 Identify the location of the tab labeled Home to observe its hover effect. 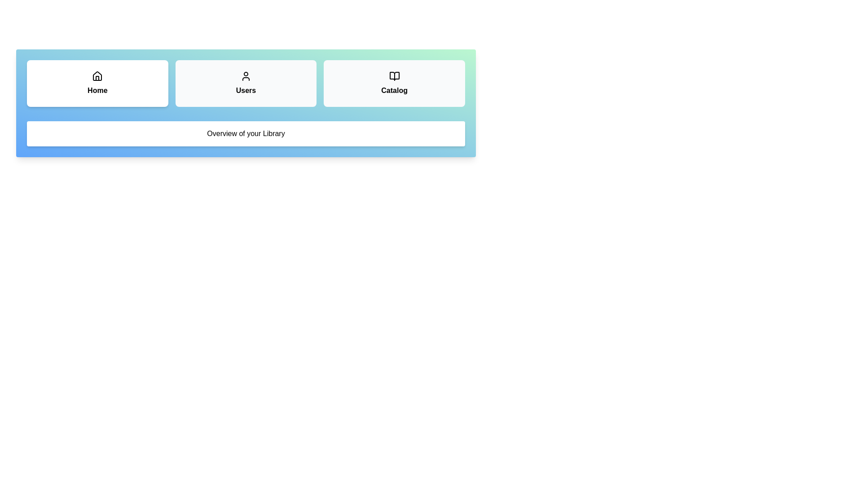
(97, 83).